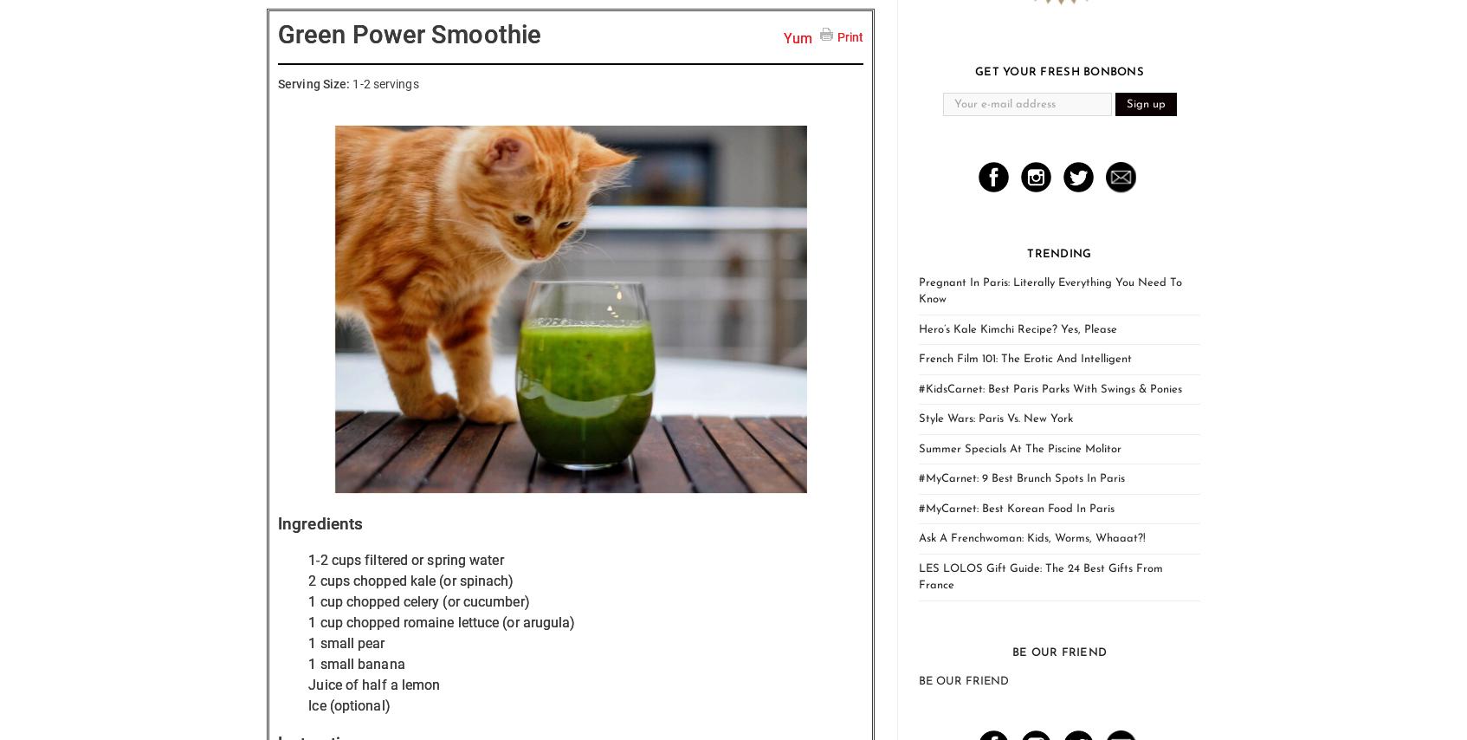  What do you see at coordinates (348, 704) in the screenshot?
I see `'Ice (optional)'` at bounding box center [348, 704].